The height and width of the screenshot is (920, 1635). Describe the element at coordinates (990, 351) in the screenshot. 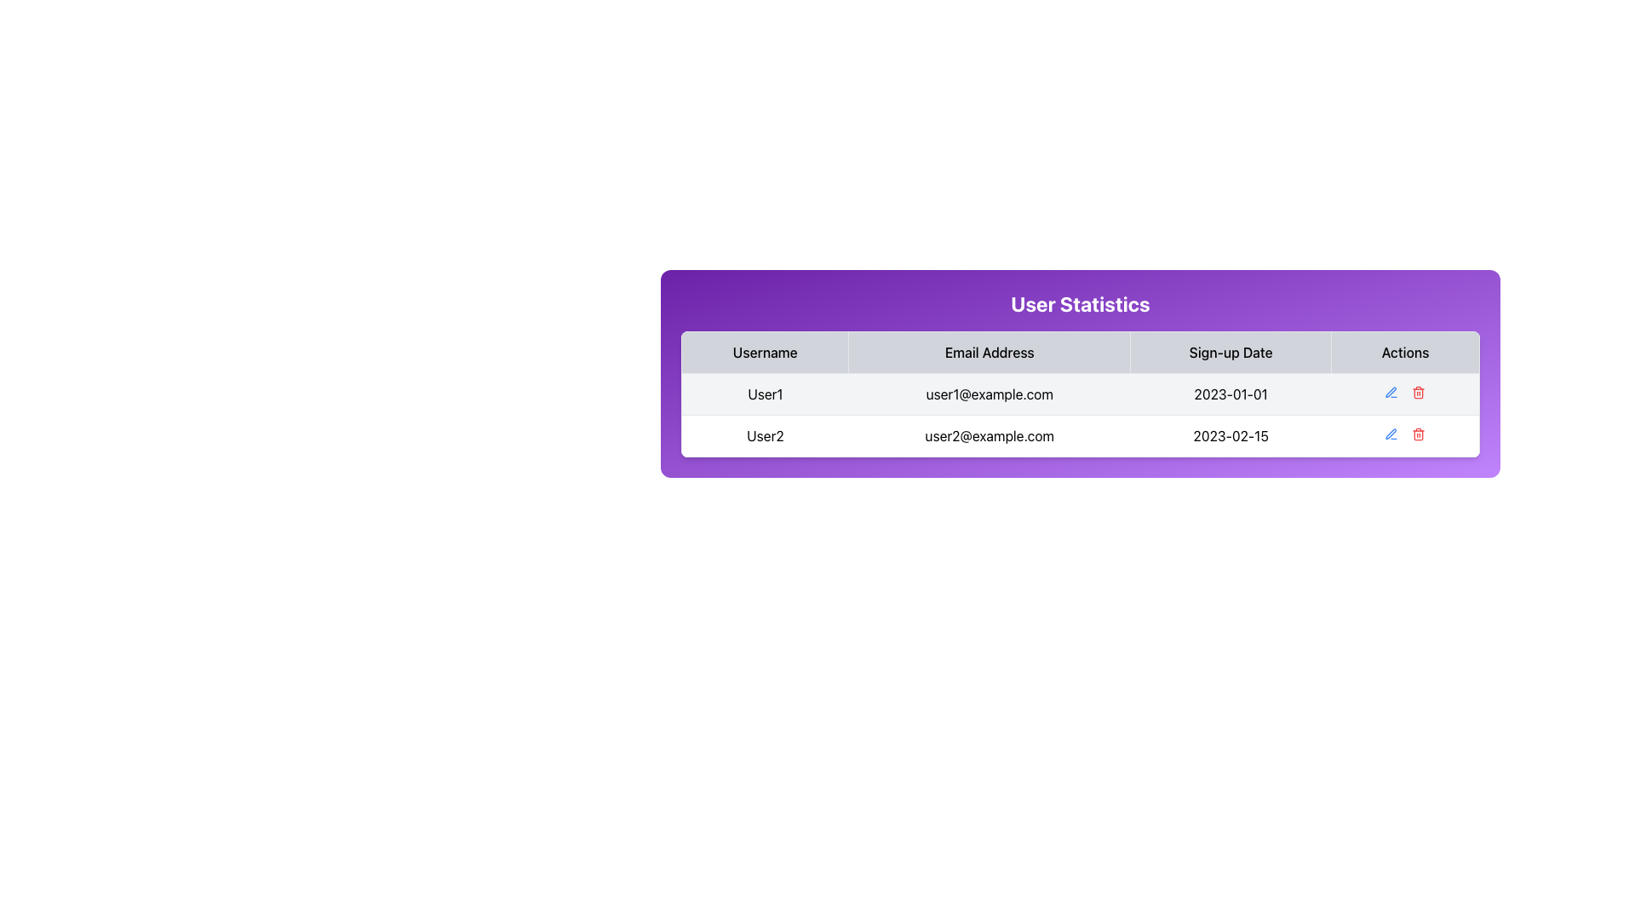

I see `the 'Email Address' column header cell in the User Statistics table, which is located between 'Username' and 'Sign-up Date'` at that location.